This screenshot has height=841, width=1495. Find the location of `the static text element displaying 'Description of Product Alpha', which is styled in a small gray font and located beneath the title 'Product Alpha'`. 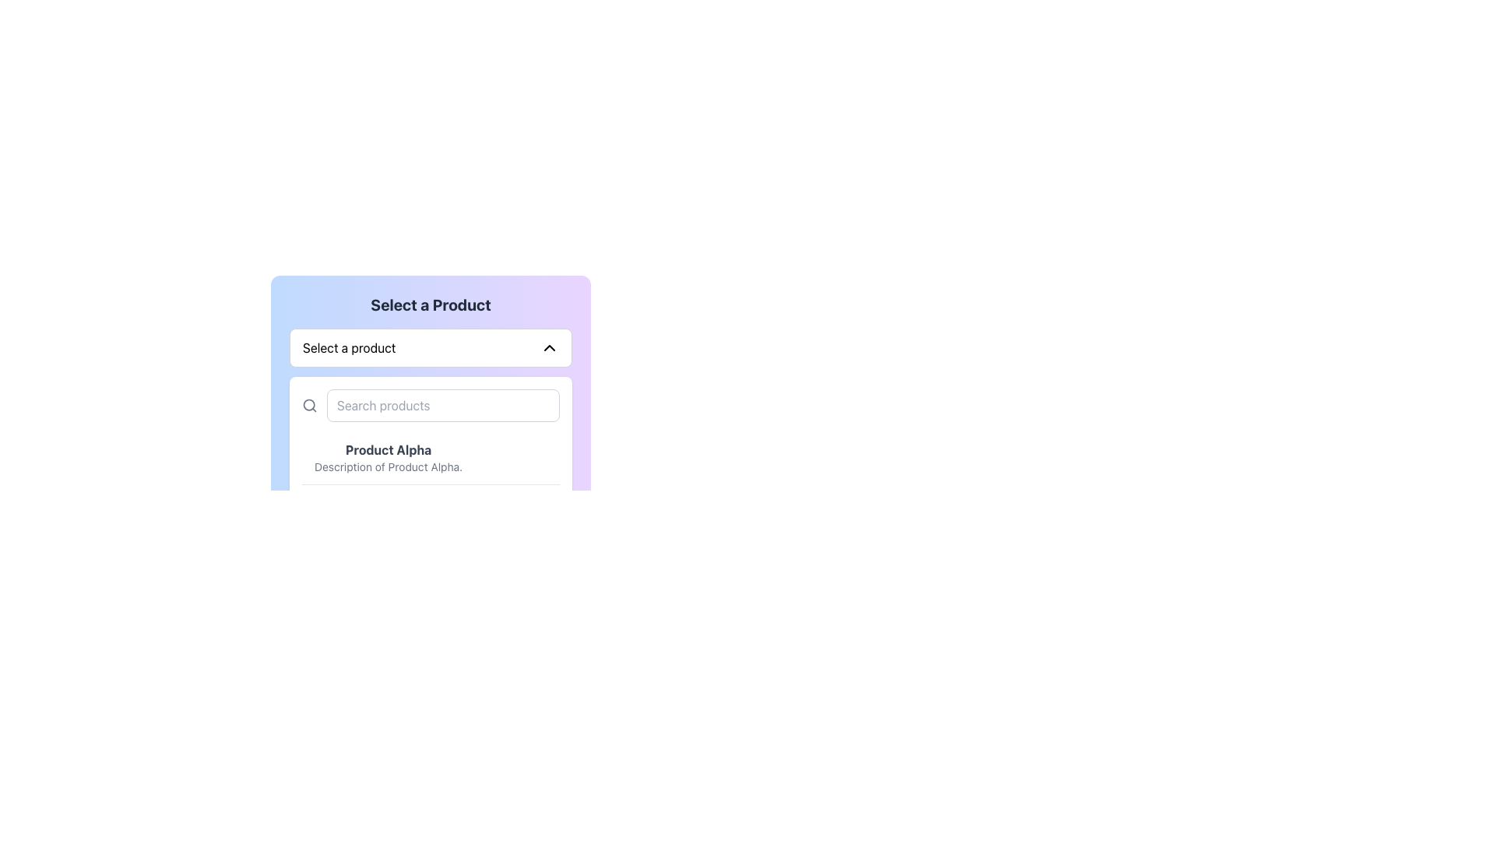

the static text element displaying 'Description of Product Alpha', which is styled in a small gray font and located beneath the title 'Product Alpha' is located at coordinates (389, 466).